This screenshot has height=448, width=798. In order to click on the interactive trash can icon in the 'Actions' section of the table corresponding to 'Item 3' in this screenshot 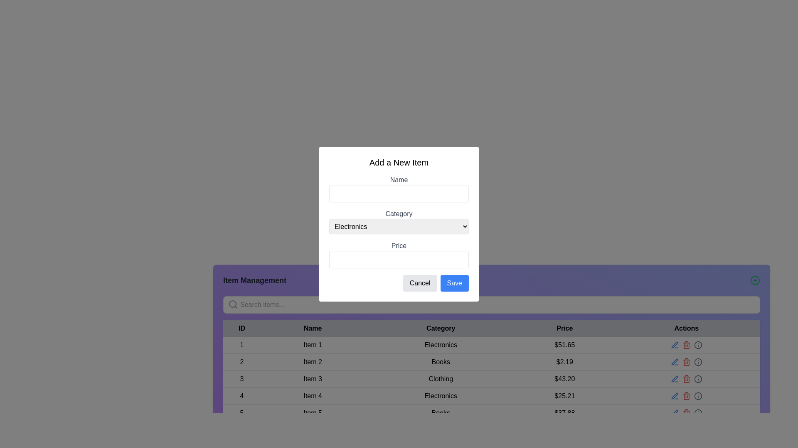, I will do `click(686, 379)`.